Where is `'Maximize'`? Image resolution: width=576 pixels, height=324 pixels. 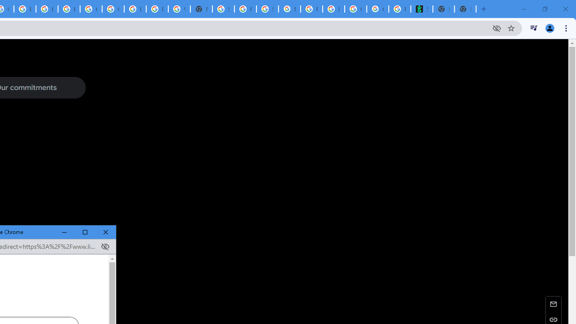 'Maximize' is located at coordinates (85, 232).